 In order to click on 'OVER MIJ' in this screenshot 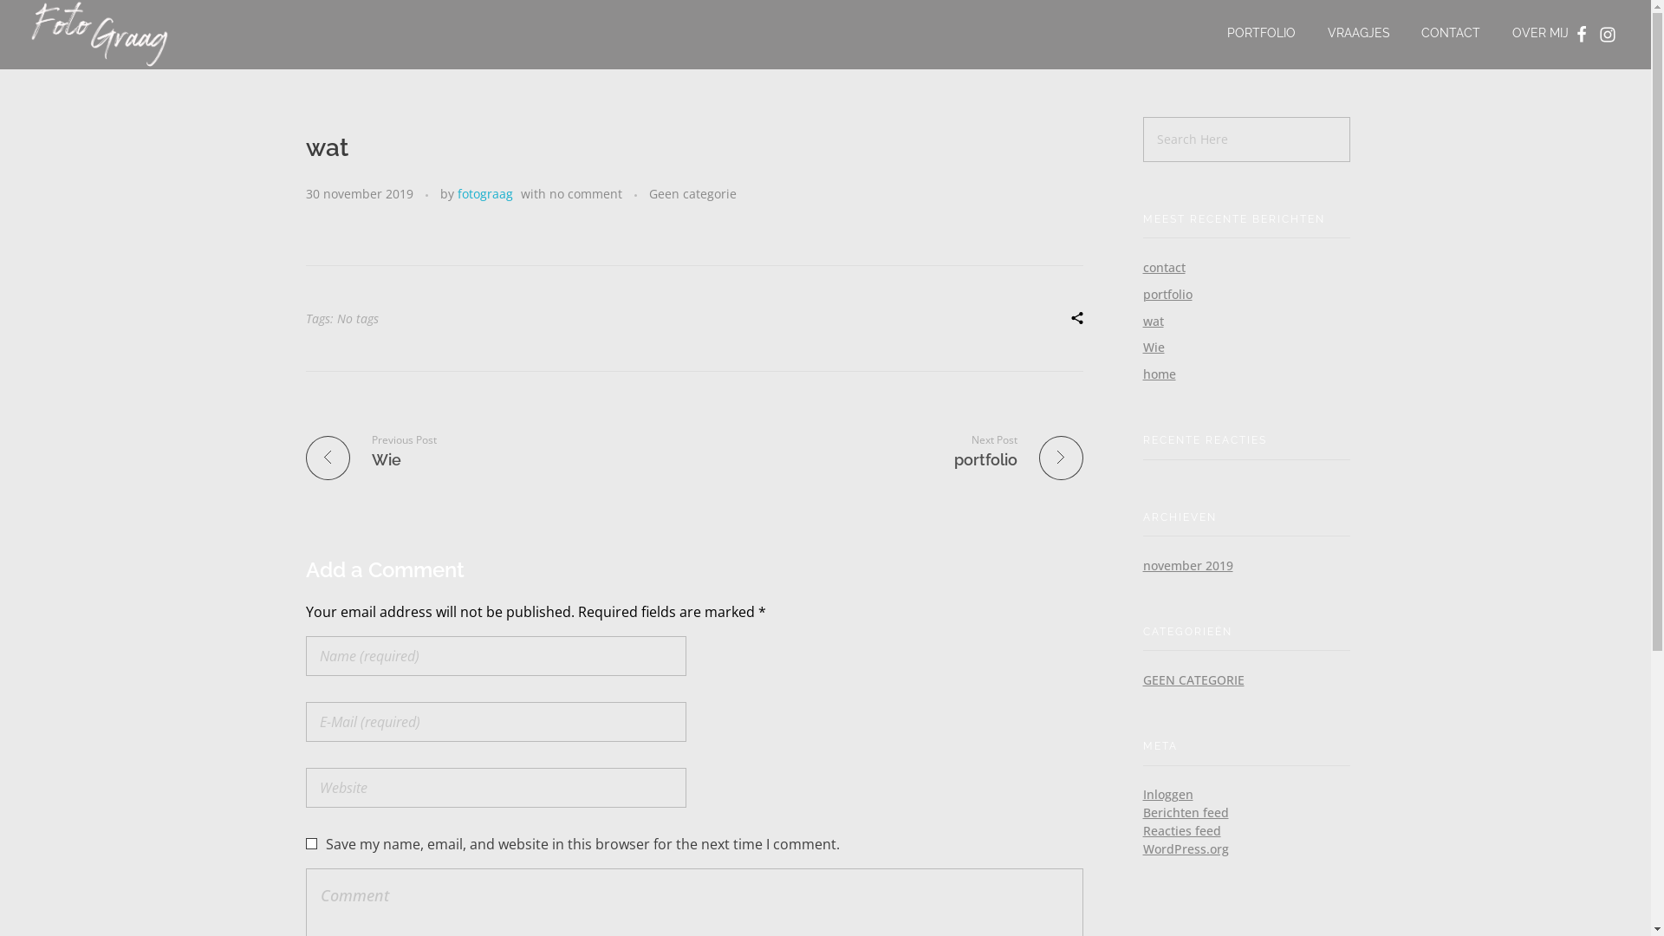, I will do `click(1496, 33)`.